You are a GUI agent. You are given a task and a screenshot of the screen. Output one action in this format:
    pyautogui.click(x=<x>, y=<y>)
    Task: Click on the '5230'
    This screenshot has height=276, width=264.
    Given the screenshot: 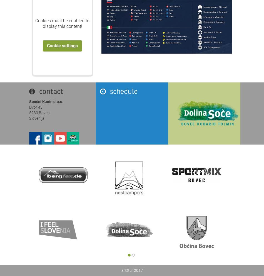 What is the action you would take?
    pyautogui.click(x=29, y=113)
    